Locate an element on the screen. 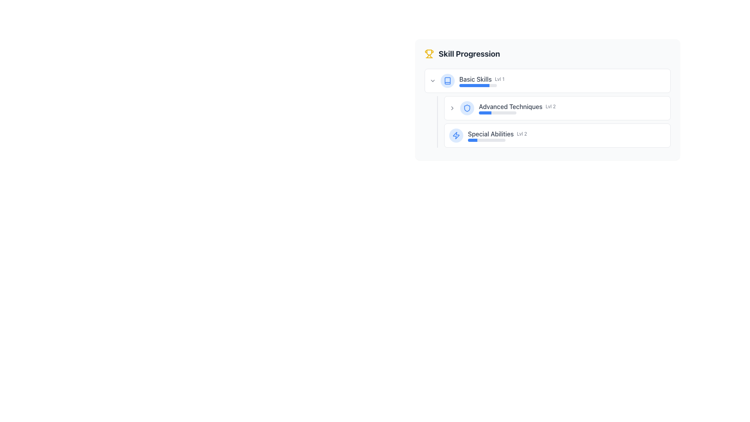 This screenshot has height=422, width=750. the progress indicator segment within the progress bar that visually represents the completed portion of the 'Basic Skills' task in the 'Skill Progression' panel is located at coordinates (474, 86).